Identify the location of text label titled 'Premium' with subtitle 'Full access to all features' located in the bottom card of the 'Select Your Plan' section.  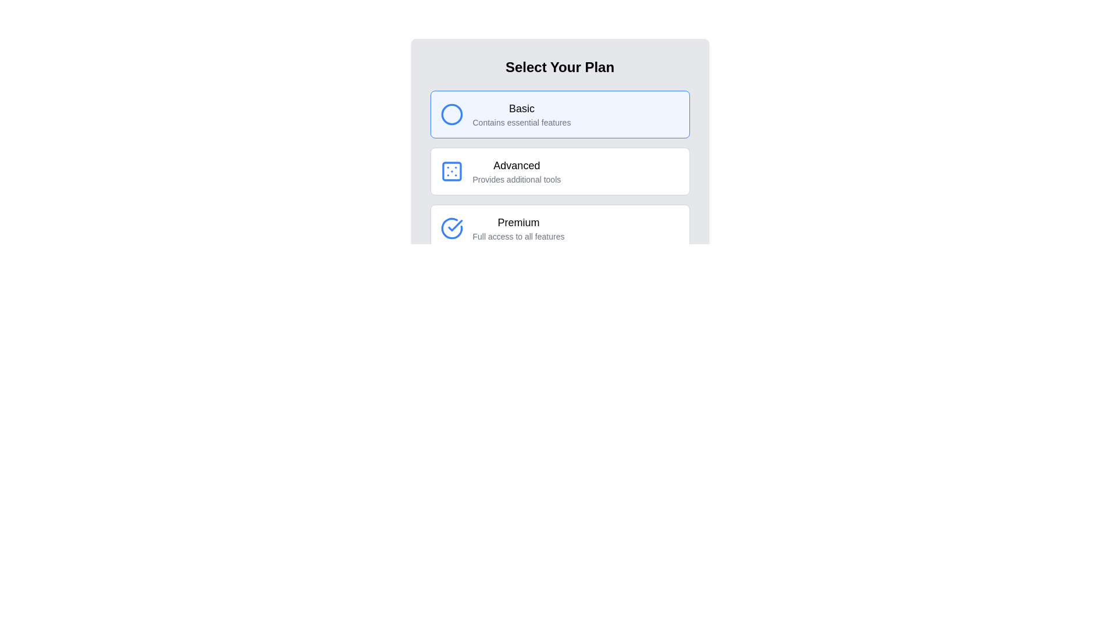
(518, 229).